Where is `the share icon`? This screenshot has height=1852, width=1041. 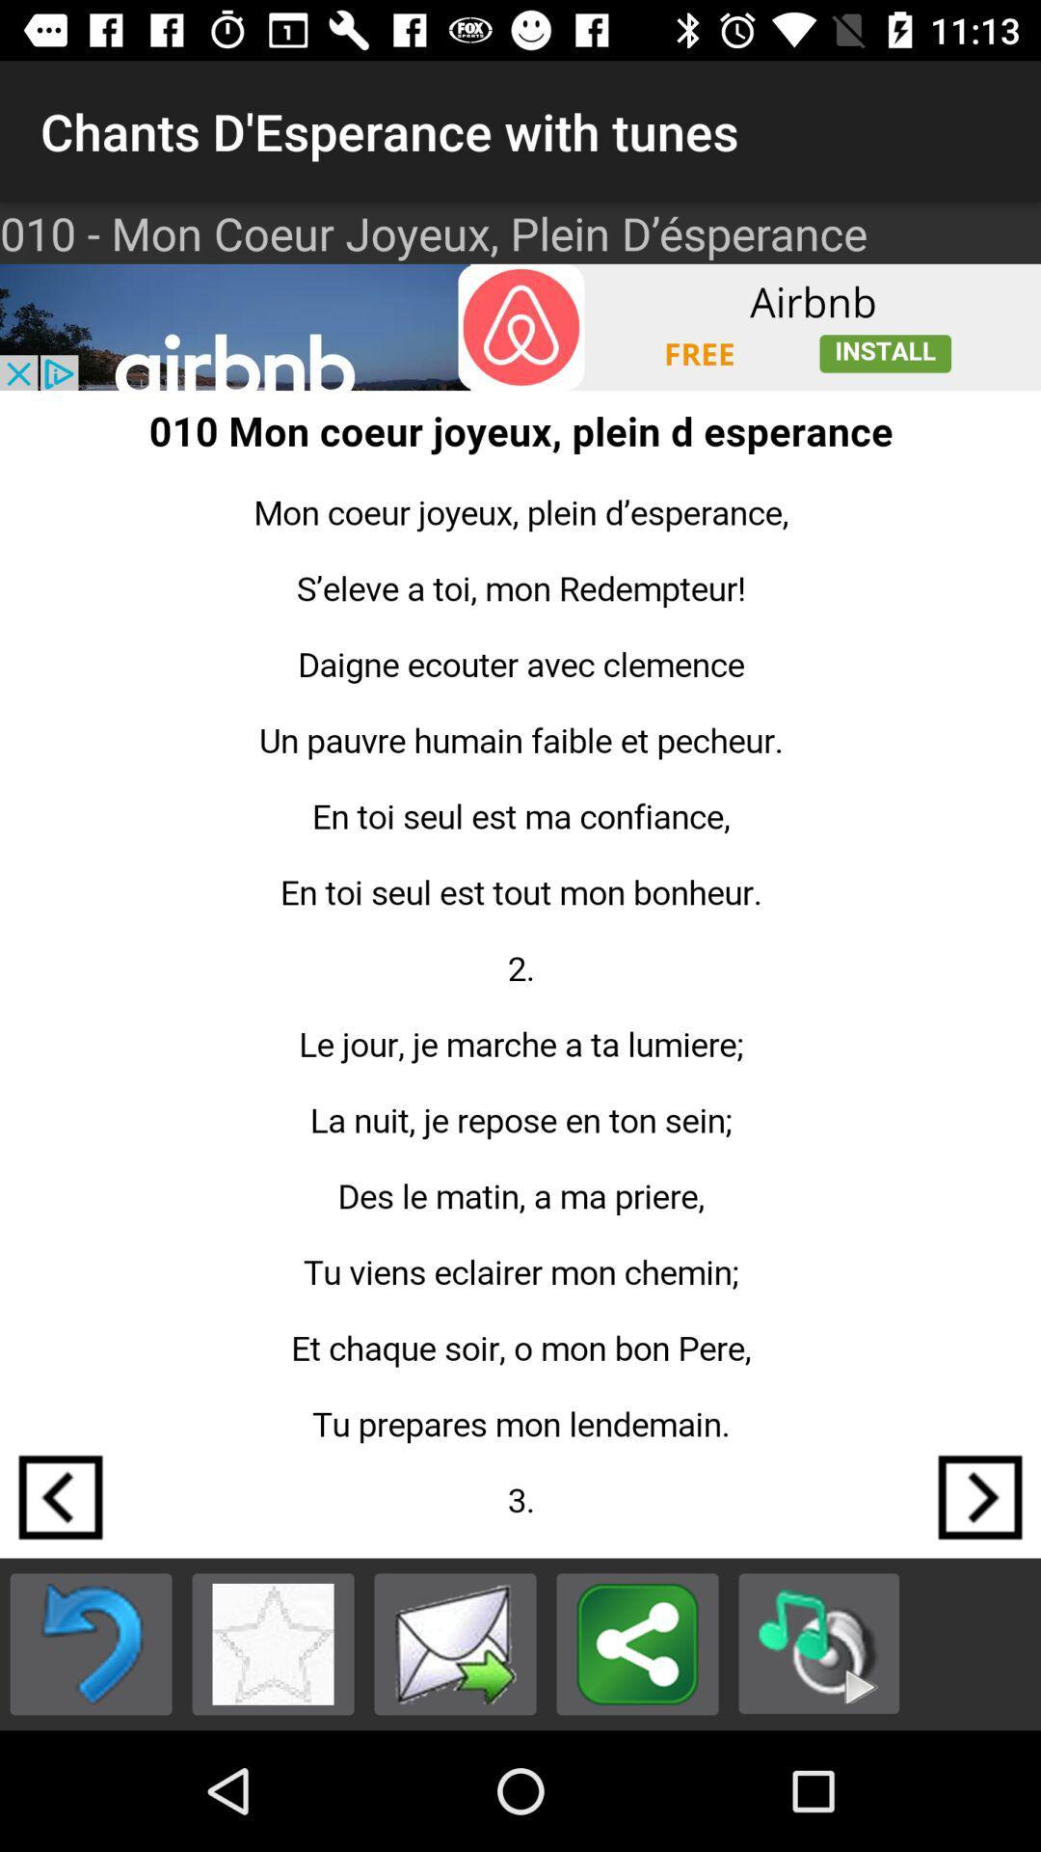 the share icon is located at coordinates (637, 1643).